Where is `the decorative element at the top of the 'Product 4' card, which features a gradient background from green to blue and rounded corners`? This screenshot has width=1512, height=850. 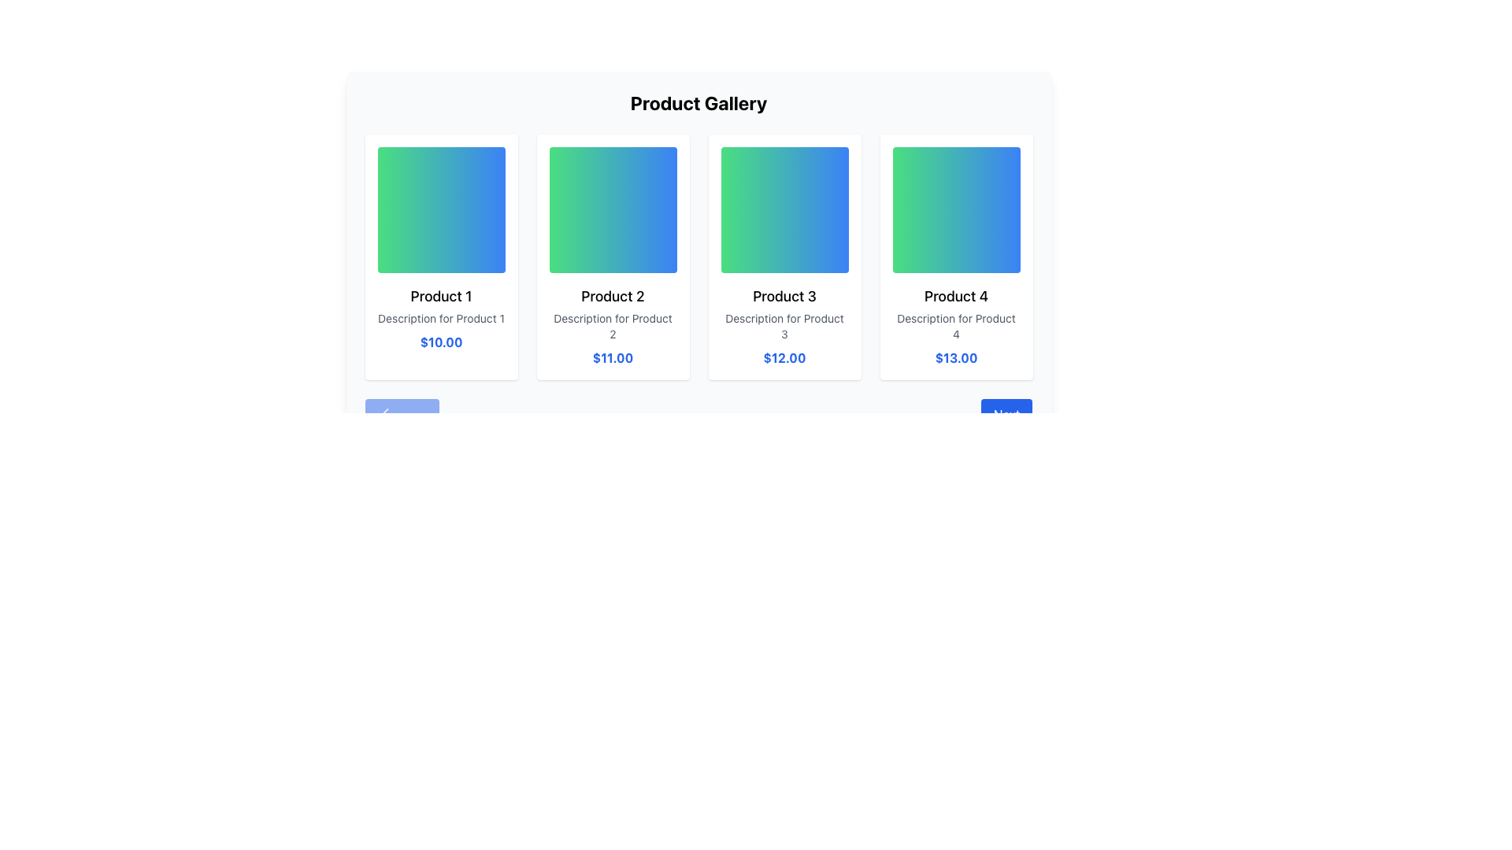 the decorative element at the top of the 'Product 4' card, which features a gradient background from green to blue and rounded corners is located at coordinates (955, 209).